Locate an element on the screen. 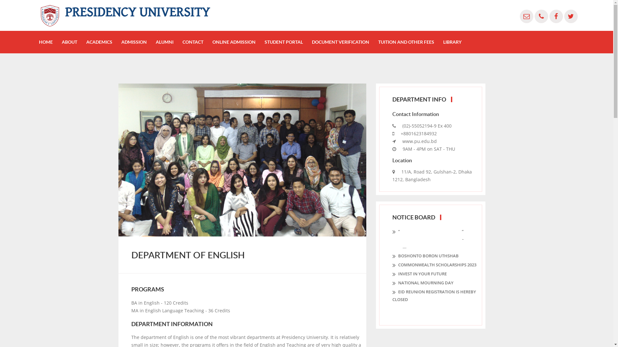 The image size is (618, 347). 'COMMONWEALTH SCHOLARSHIPS 2023' is located at coordinates (434, 265).